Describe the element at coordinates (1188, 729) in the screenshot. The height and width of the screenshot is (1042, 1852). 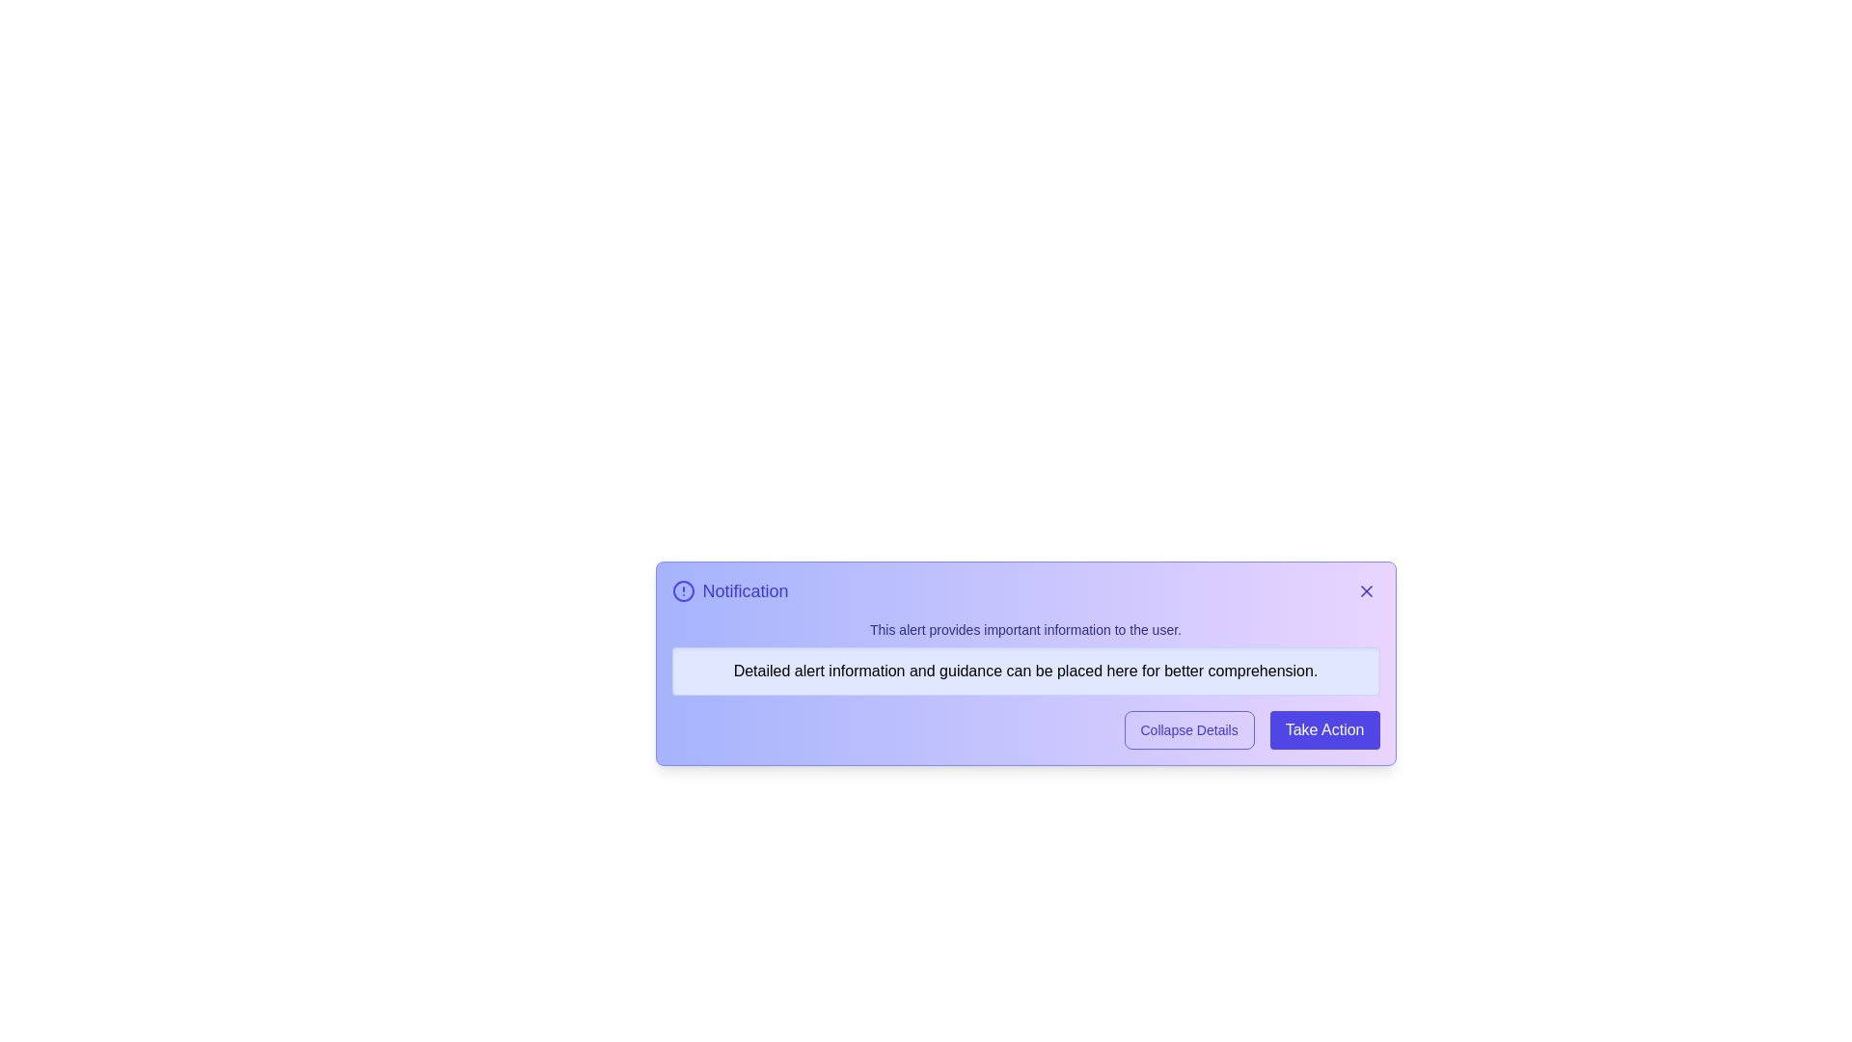
I see `'Collapse Details' button to toggle the detailed information visibility` at that location.